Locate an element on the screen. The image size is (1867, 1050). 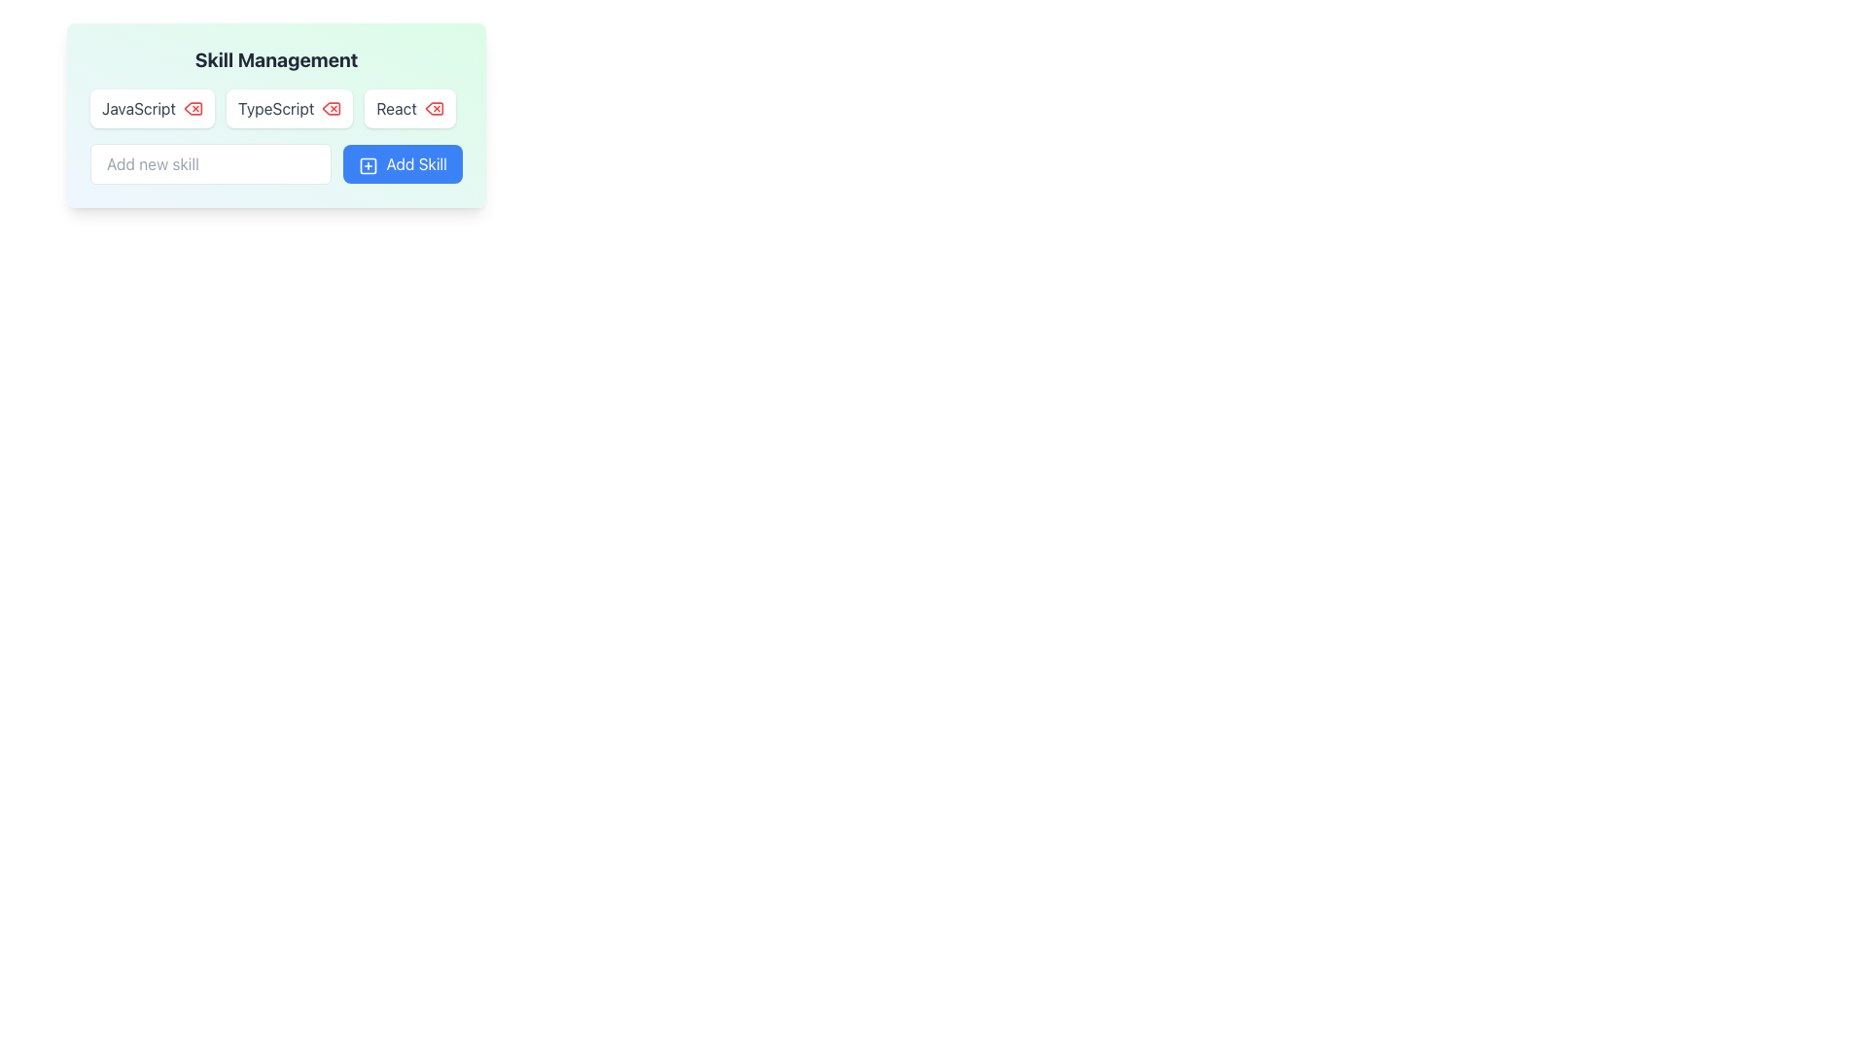
the 'TypeScript' text label which displays a skill in the 'Skill Management' section is located at coordinates (275, 108).